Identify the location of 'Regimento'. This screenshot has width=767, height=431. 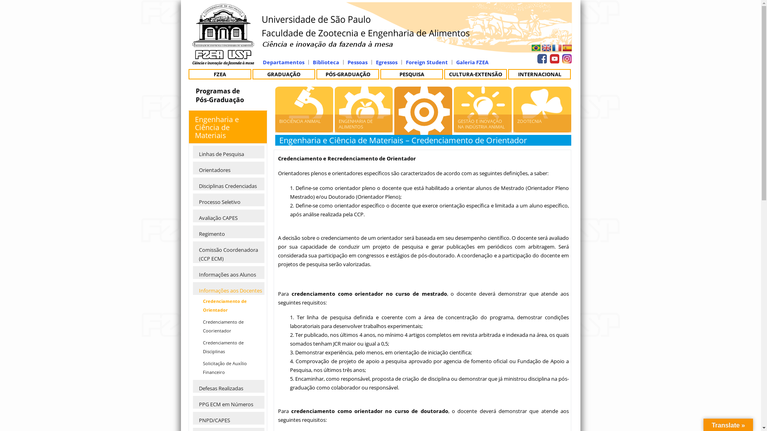
(228, 232).